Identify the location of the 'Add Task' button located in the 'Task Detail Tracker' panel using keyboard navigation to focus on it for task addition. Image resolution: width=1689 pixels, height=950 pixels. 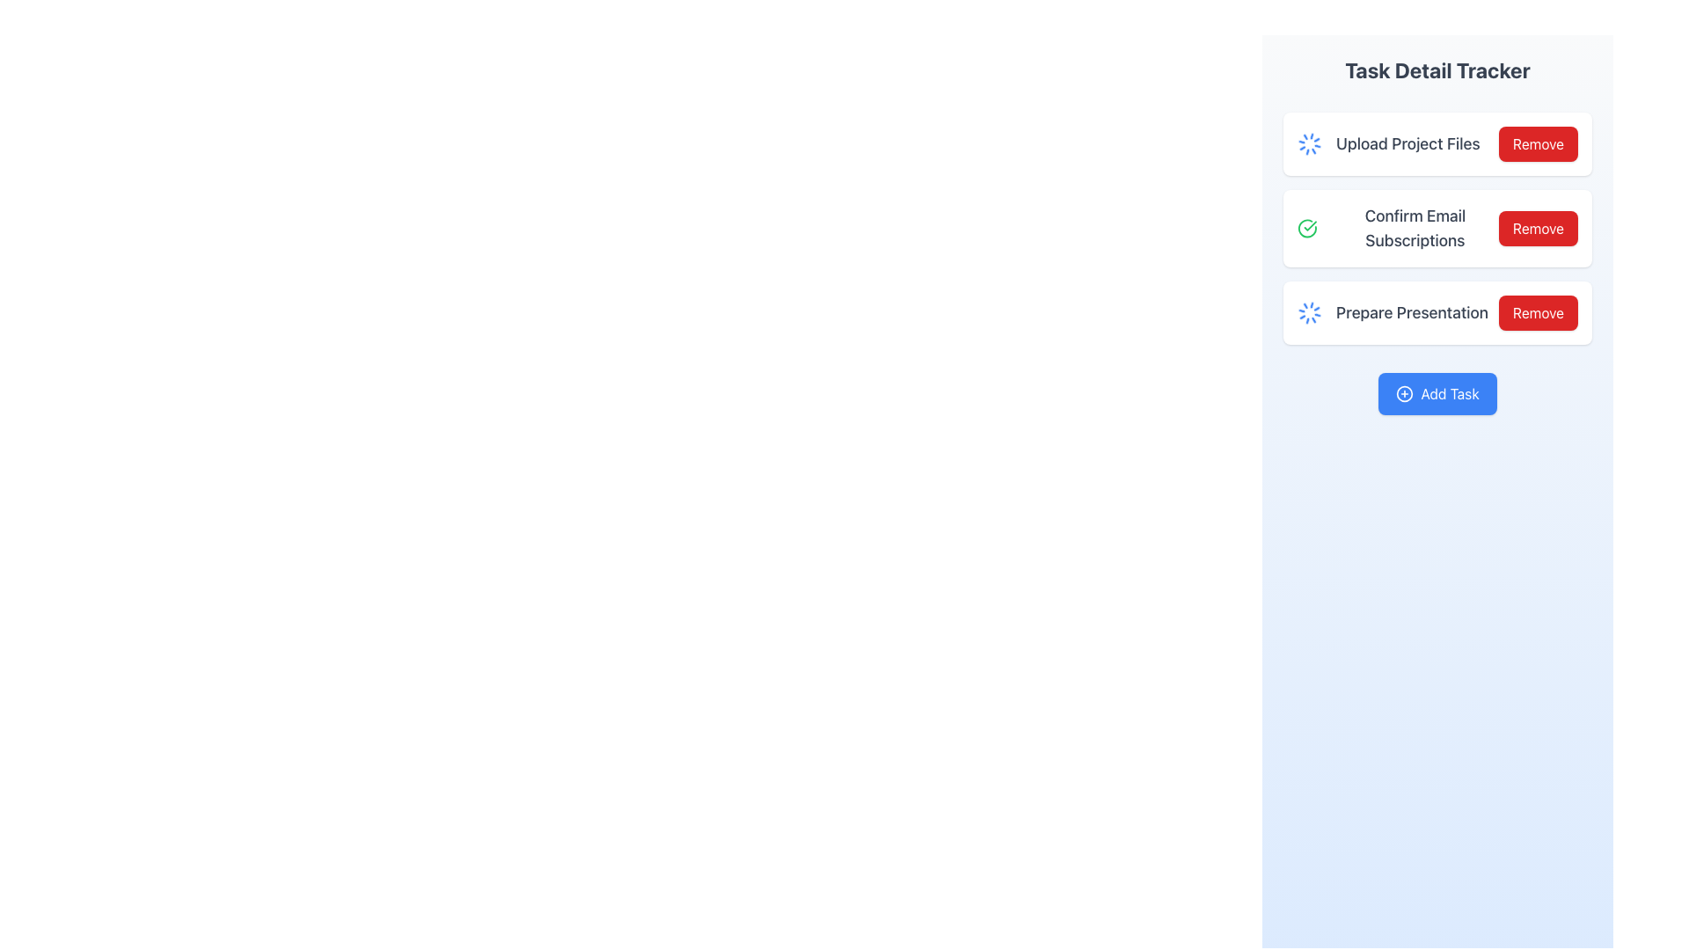
(1437, 392).